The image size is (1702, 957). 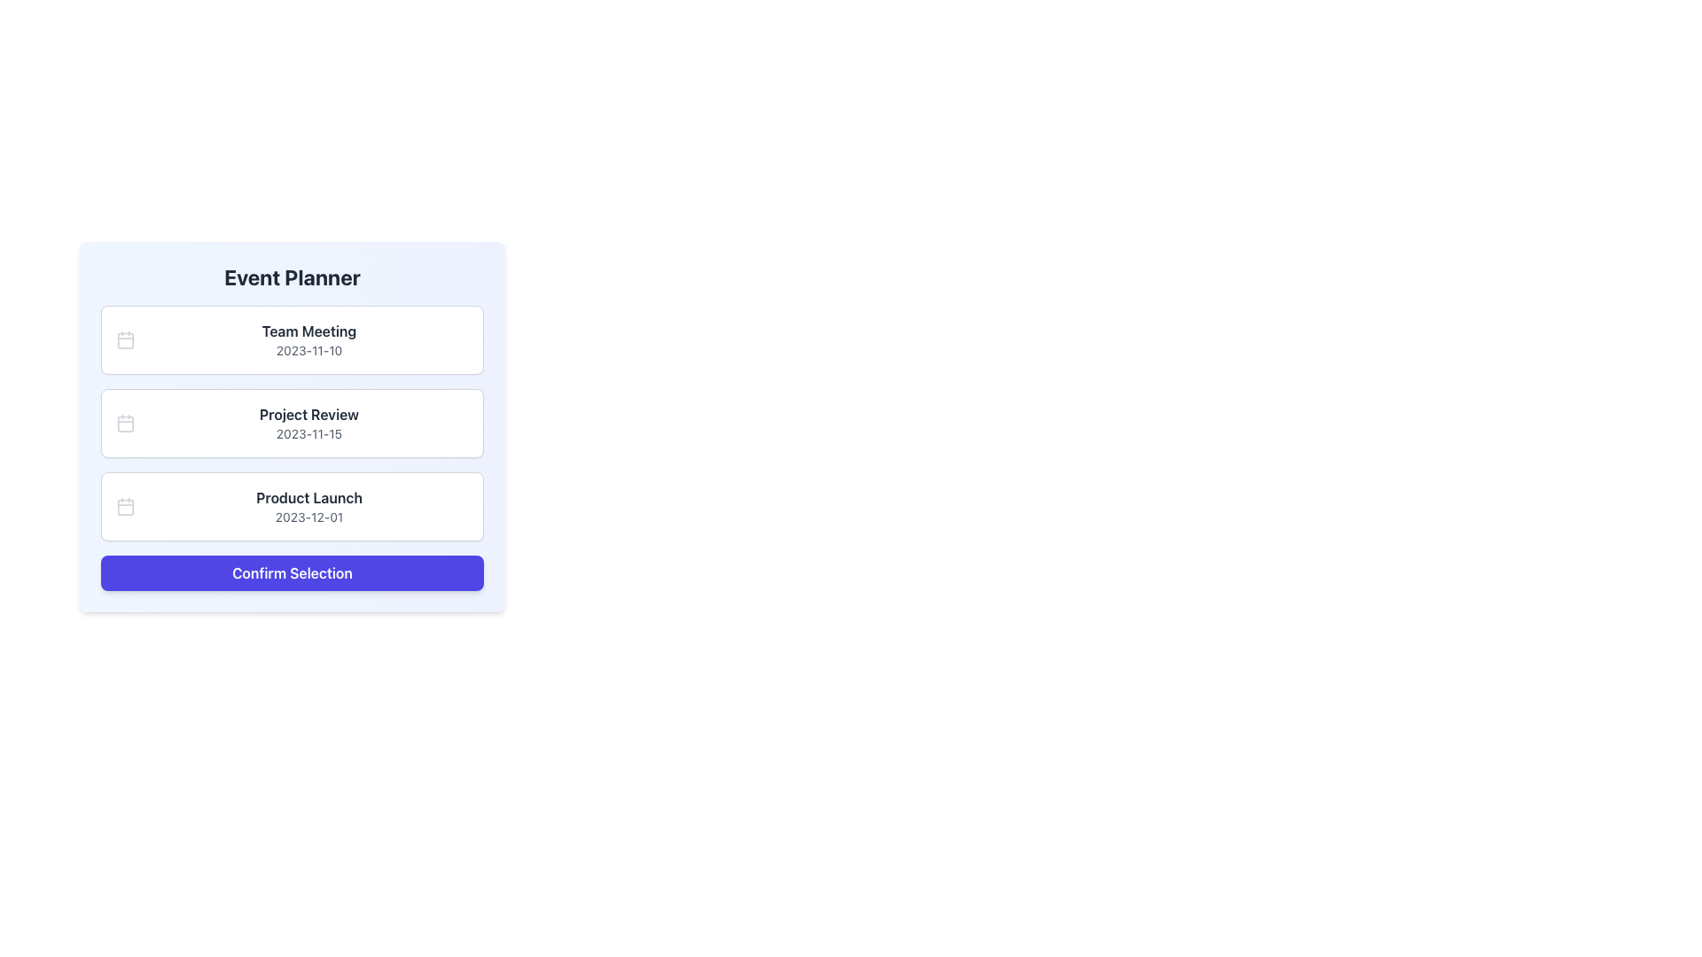 What do you see at coordinates (309, 433) in the screenshot?
I see `the text label displaying the date '2023-11-15' in gray color, located beneath the 'Project Review' title` at bounding box center [309, 433].